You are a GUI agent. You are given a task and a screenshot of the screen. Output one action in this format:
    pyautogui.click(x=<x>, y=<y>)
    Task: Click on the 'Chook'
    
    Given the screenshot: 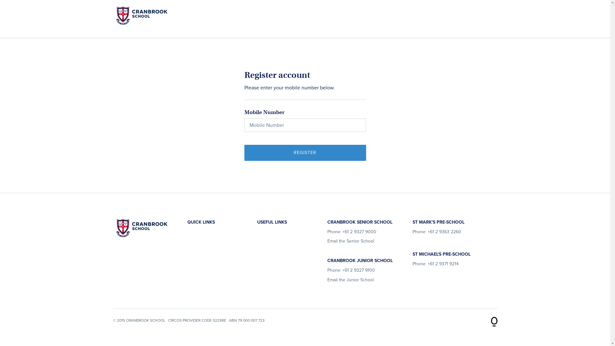 What is the action you would take?
    pyautogui.click(x=493, y=319)
    